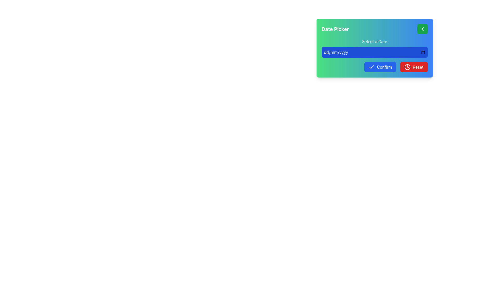  Describe the element at coordinates (414, 67) in the screenshot. I see `the red rectangular 'Reset' button with rounded corners, which has a clock icon on the left and the text 'Reset' on the right` at that location.